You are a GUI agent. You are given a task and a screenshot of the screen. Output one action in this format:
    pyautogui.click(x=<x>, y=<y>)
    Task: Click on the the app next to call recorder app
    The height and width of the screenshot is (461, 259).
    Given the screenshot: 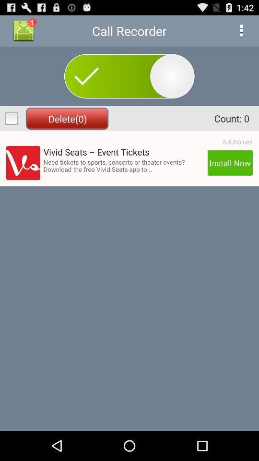 What is the action you would take?
    pyautogui.click(x=241, y=31)
    